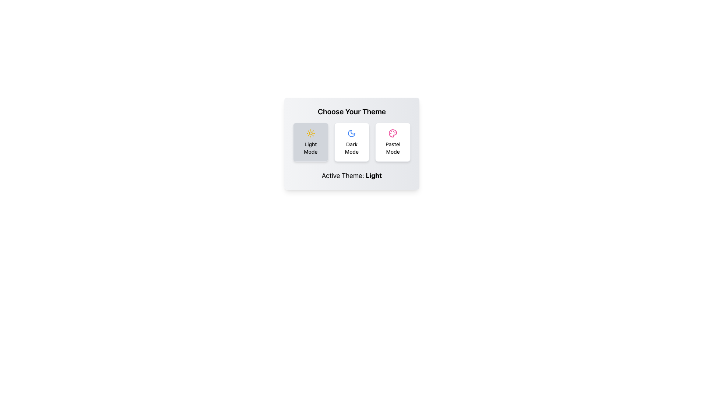 The image size is (707, 398). What do you see at coordinates (374, 175) in the screenshot?
I see `non-interactive Text Label indicating the currently active theme located at the rightmost side of the sentence 'Active Theme: Light.'` at bounding box center [374, 175].